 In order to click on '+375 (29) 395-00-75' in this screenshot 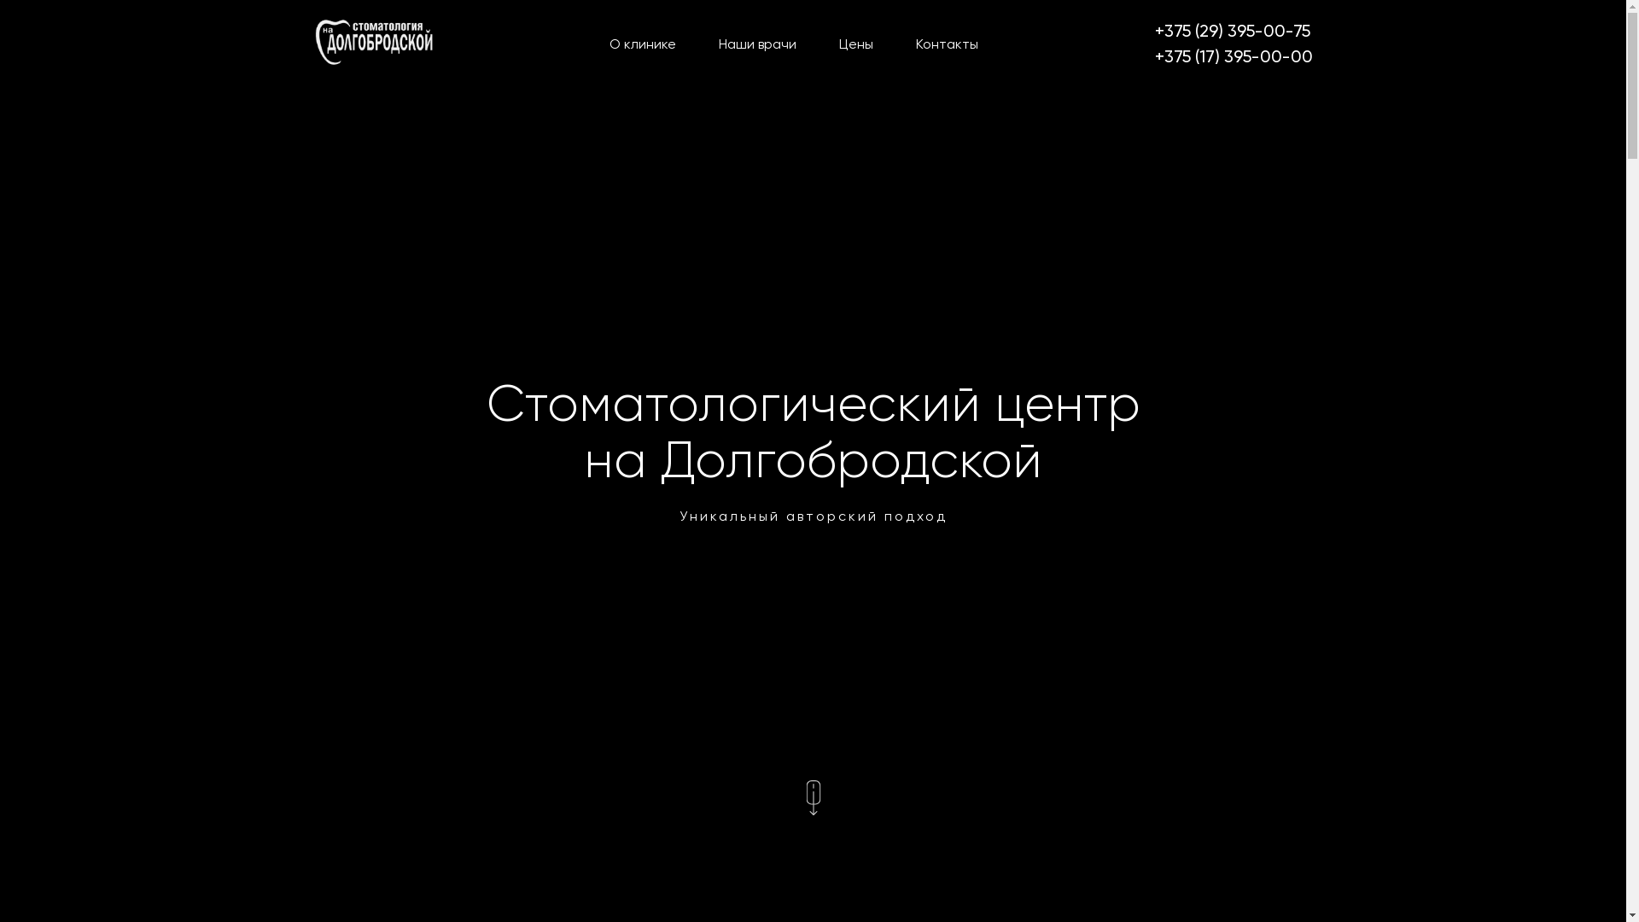, I will do `click(1233, 30)`.